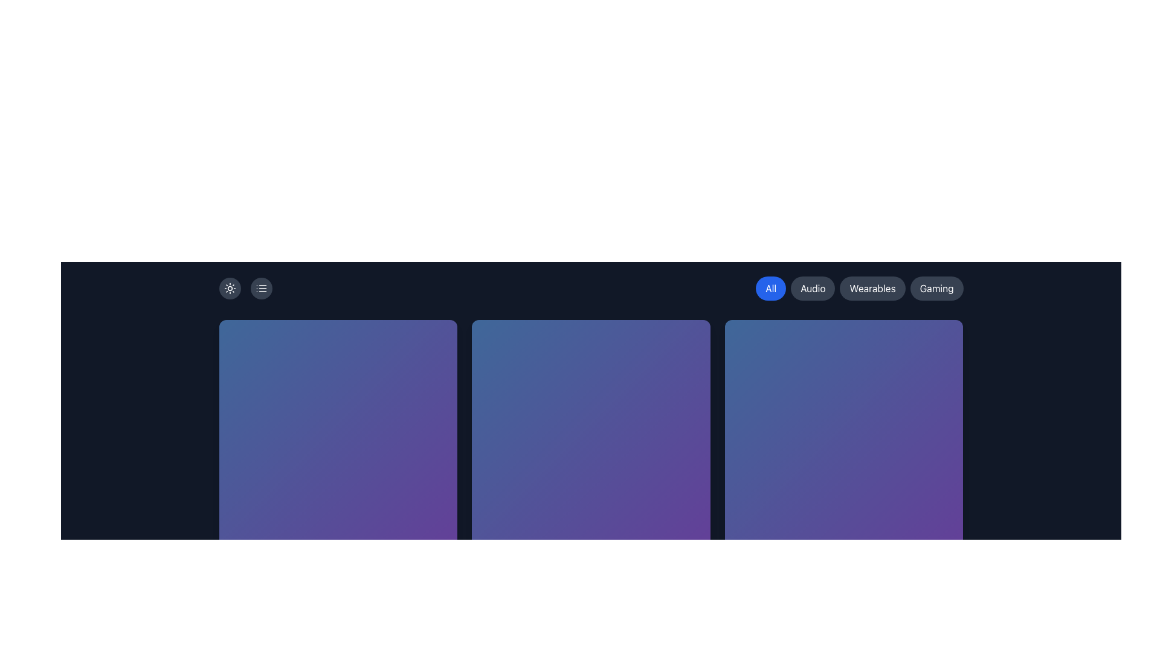  Describe the element at coordinates (338, 439) in the screenshot. I see `the Decorative component which acts as a visual representation in the card layout, enhancing the aesthetic of the interface` at that location.